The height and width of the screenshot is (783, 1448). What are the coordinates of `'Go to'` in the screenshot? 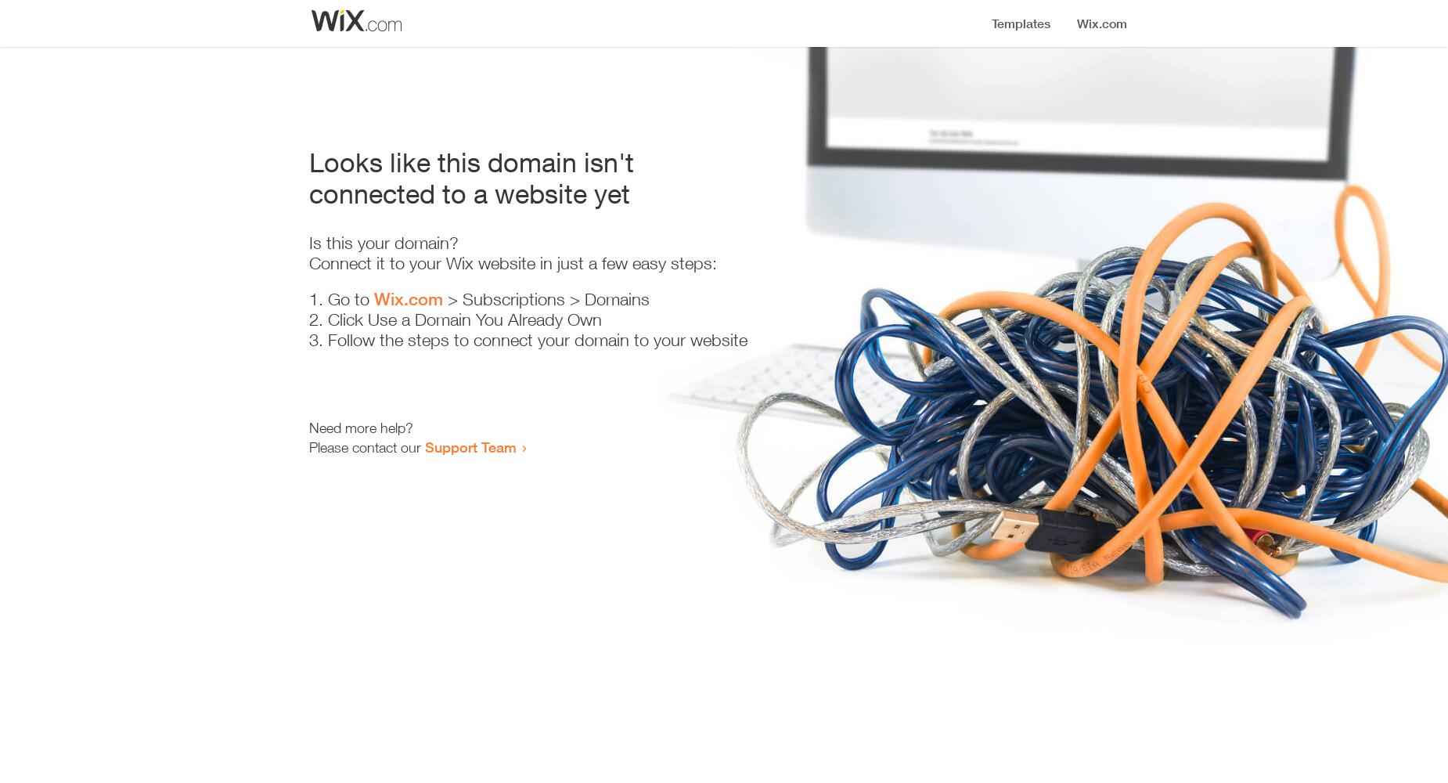 It's located at (327, 299).